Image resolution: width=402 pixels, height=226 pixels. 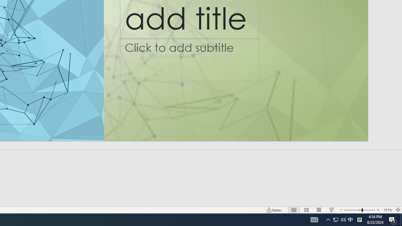 What do you see at coordinates (387, 210) in the screenshot?
I see `'Zoom 151%'` at bounding box center [387, 210].